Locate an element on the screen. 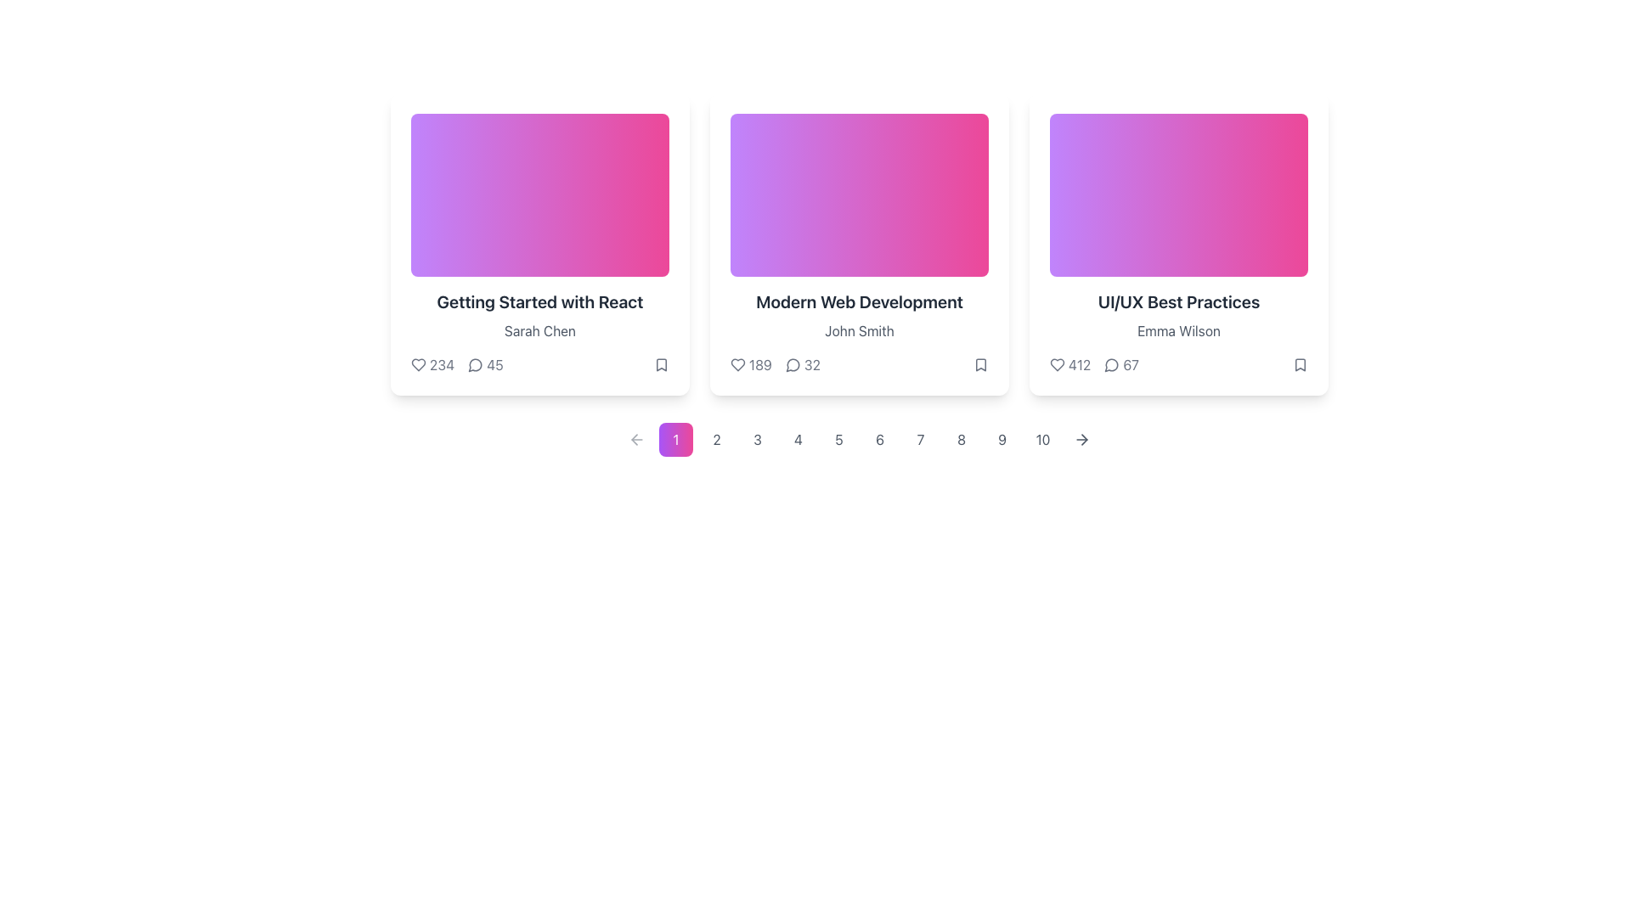 The height and width of the screenshot is (917, 1631). the Pagination control located at the bottom of the user interface is located at coordinates (860, 438).